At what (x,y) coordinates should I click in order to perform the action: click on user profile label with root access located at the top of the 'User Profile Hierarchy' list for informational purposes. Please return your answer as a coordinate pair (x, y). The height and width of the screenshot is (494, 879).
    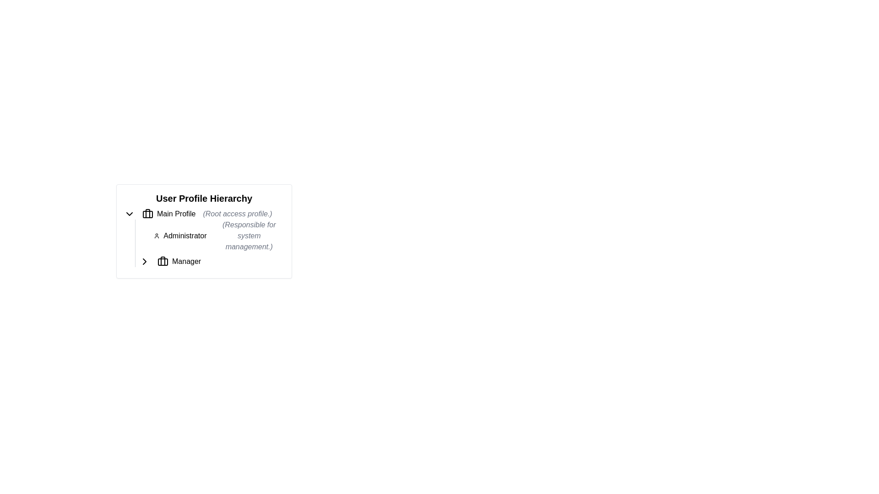
    Looking at the image, I should click on (204, 214).